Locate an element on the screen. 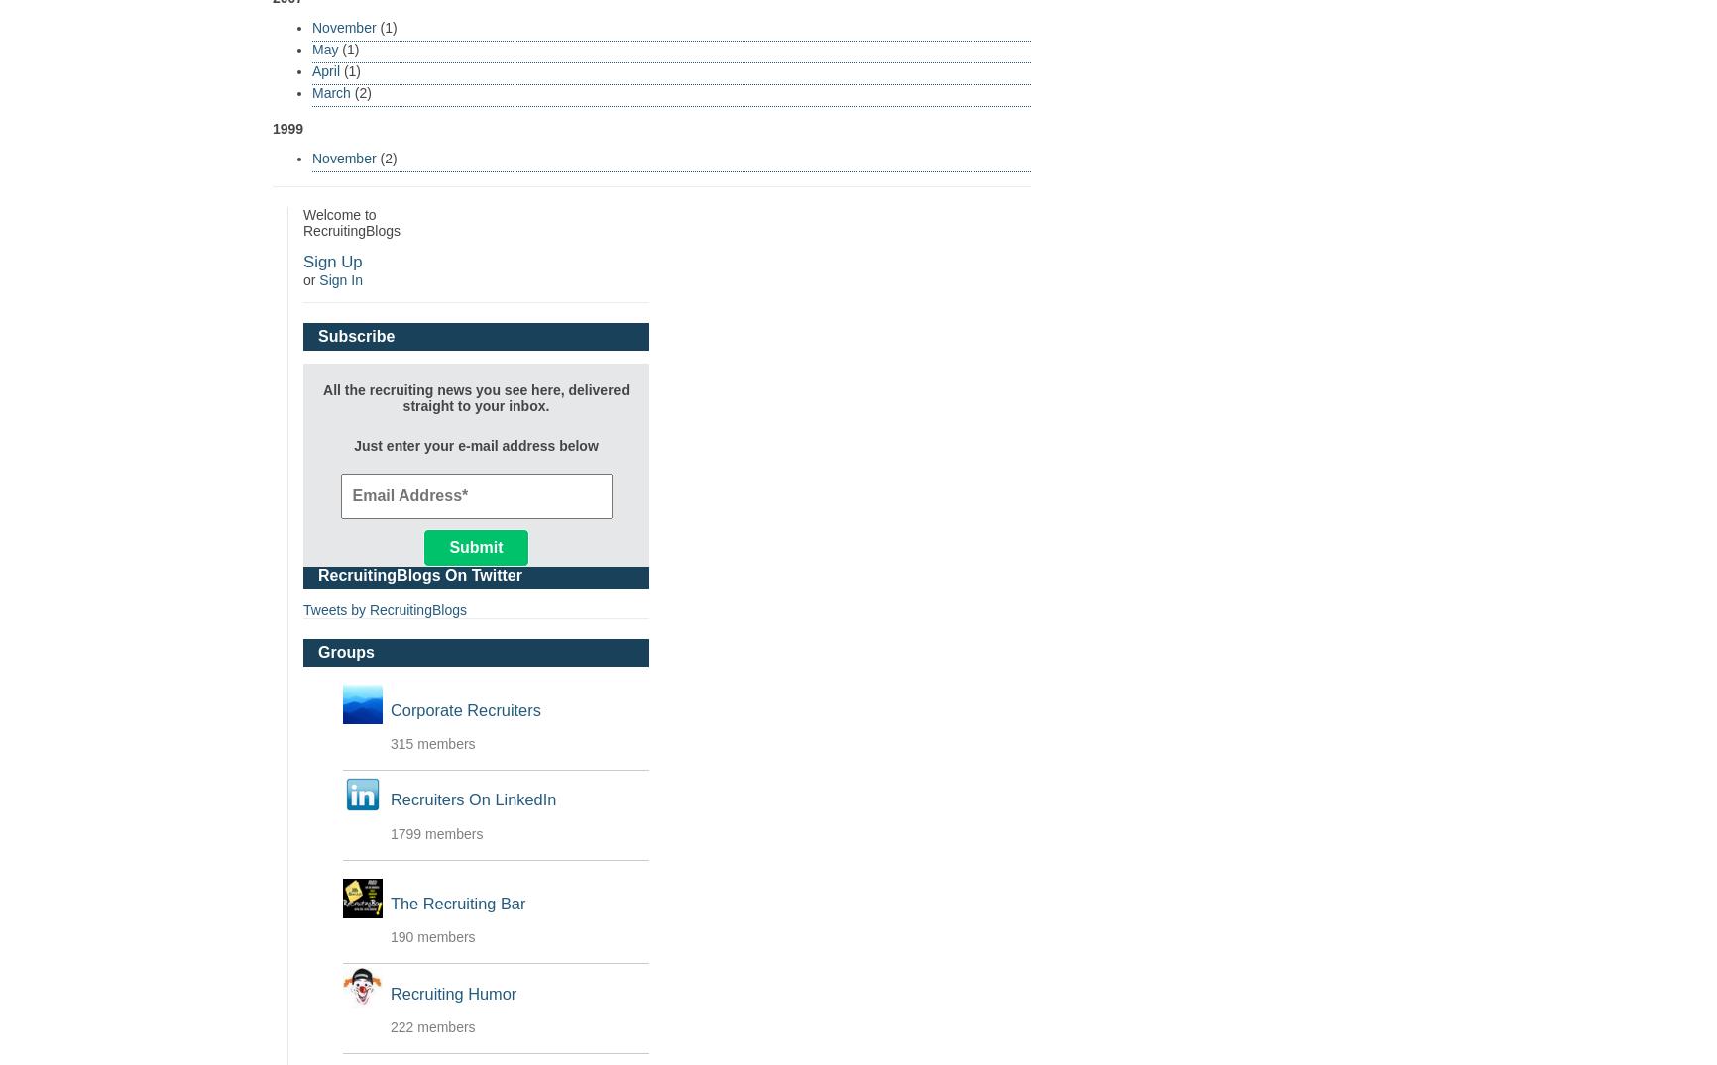  '190 members' is located at coordinates (432, 937).